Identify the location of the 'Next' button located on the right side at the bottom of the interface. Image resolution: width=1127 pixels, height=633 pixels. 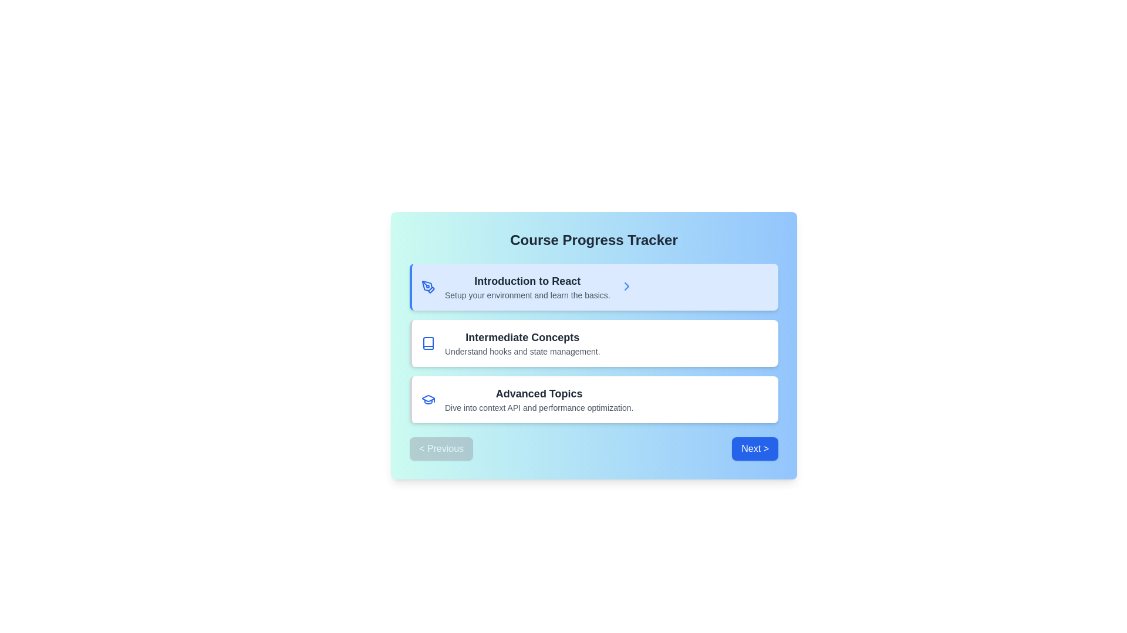
(755, 448).